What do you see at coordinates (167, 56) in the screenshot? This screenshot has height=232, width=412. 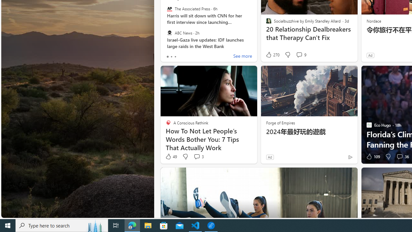 I see `'tab-0'` at bounding box center [167, 56].